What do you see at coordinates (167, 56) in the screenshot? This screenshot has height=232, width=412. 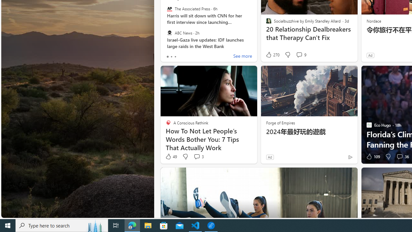 I see `'tab-0'` at bounding box center [167, 56].